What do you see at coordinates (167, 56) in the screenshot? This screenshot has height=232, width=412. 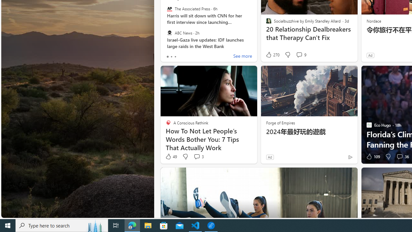 I see `'tab-0'` at bounding box center [167, 56].